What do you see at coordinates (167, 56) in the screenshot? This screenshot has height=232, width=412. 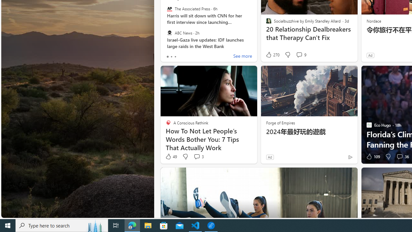 I see `'tab-0'` at bounding box center [167, 56].